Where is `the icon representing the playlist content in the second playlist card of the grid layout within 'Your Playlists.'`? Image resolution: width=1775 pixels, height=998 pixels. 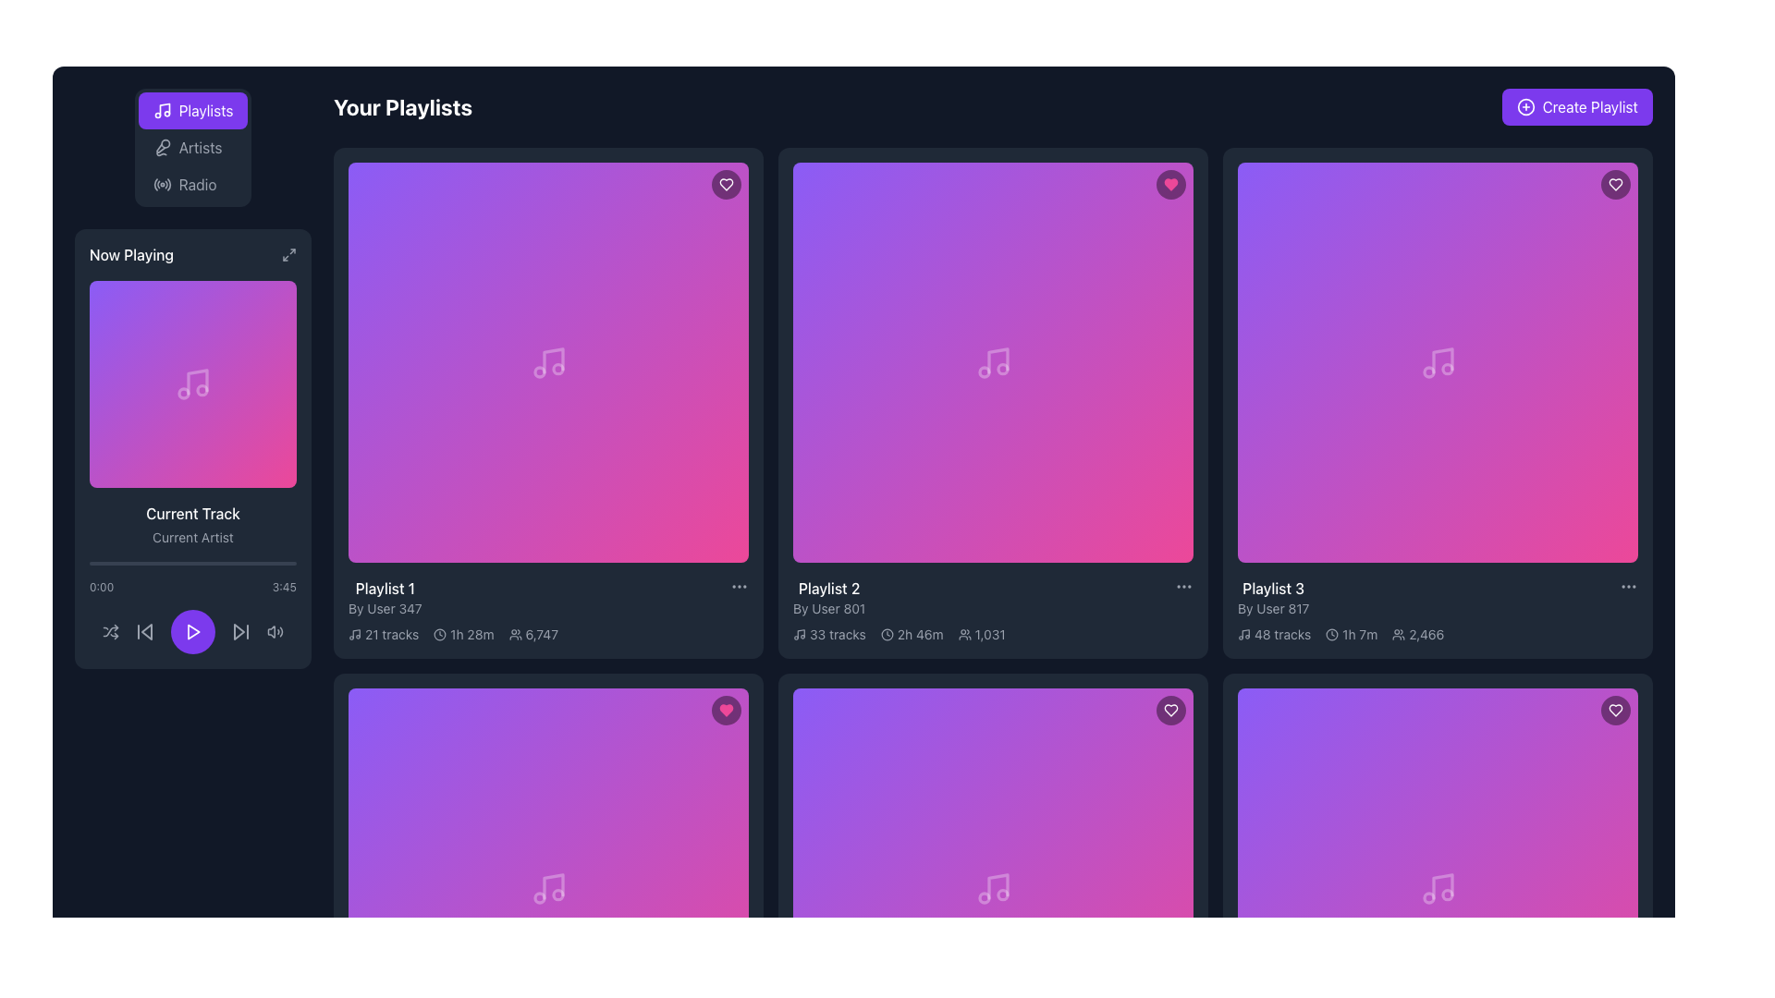 the icon representing the playlist content in the second playlist card of the grid layout within 'Your Playlists.' is located at coordinates (992, 362).